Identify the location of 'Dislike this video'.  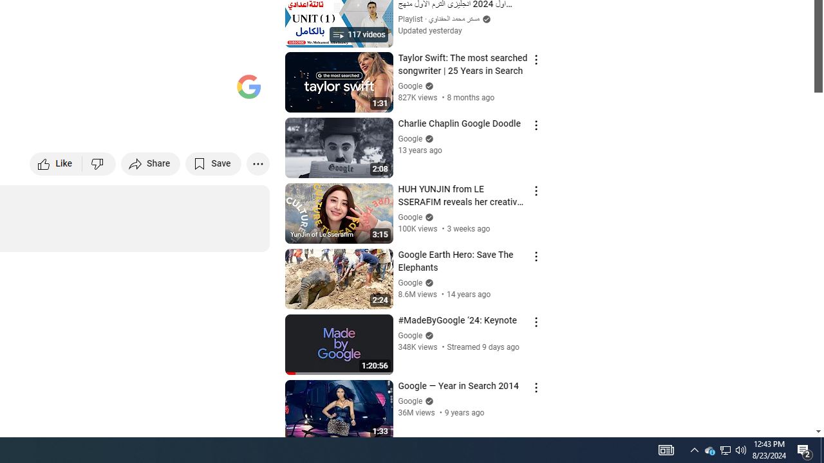
(98, 163).